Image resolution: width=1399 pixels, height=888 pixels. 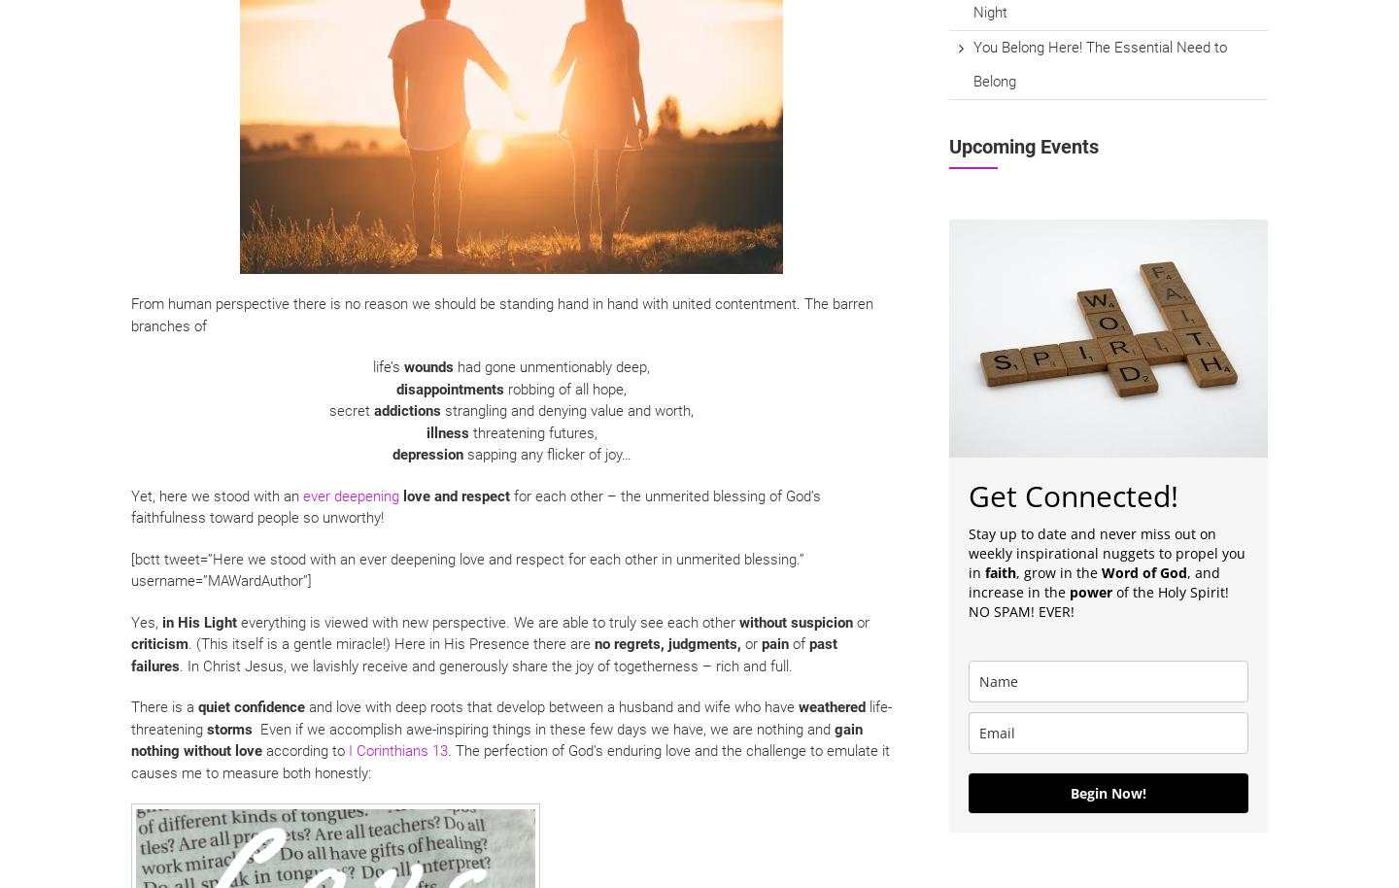 I want to click on 'life’s', so click(x=388, y=367).